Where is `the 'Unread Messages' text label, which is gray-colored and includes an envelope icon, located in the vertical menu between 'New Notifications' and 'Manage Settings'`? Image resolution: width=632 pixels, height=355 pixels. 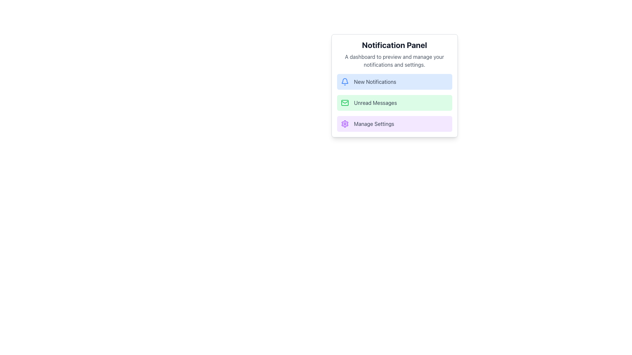 the 'Unread Messages' text label, which is gray-colored and includes an envelope icon, located in the vertical menu between 'New Notifications' and 'Manage Settings' is located at coordinates (375, 103).